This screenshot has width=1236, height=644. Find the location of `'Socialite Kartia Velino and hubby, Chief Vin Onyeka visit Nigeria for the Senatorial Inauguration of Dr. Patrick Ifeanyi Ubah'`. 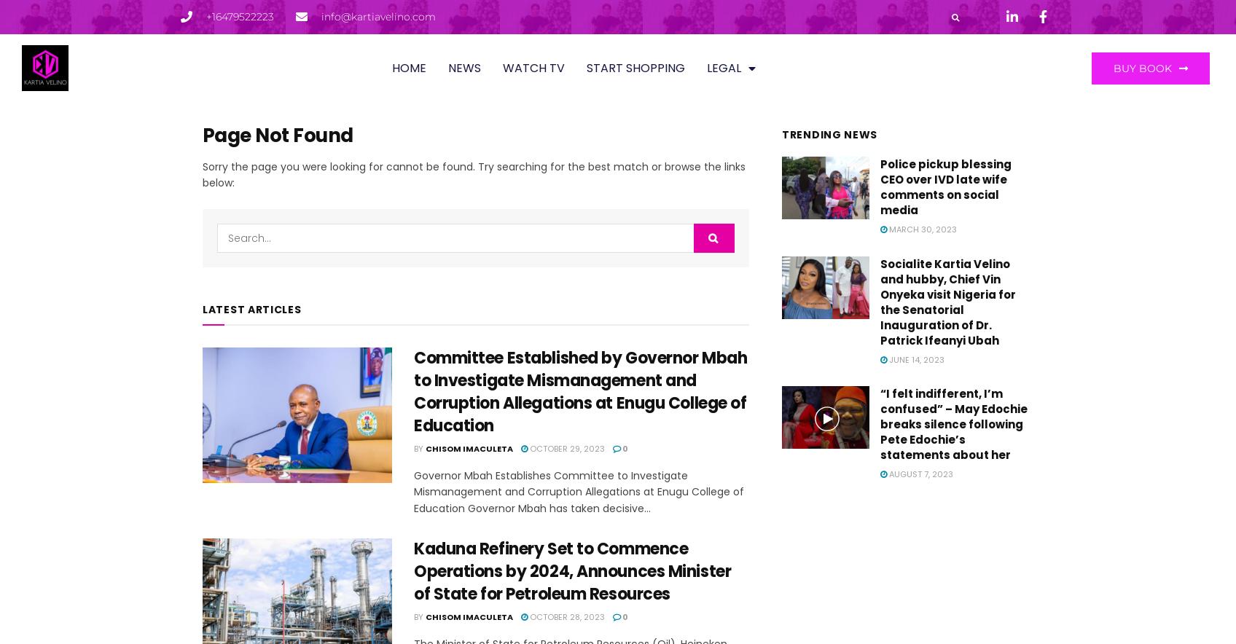

'Socialite Kartia Velino and hubby, Chief Vin Onyeka visit Nigeria for the Senatorial Inauguration of Dr. Patrick Ifeanyi Ubah' is located at coordinates (948, 300).